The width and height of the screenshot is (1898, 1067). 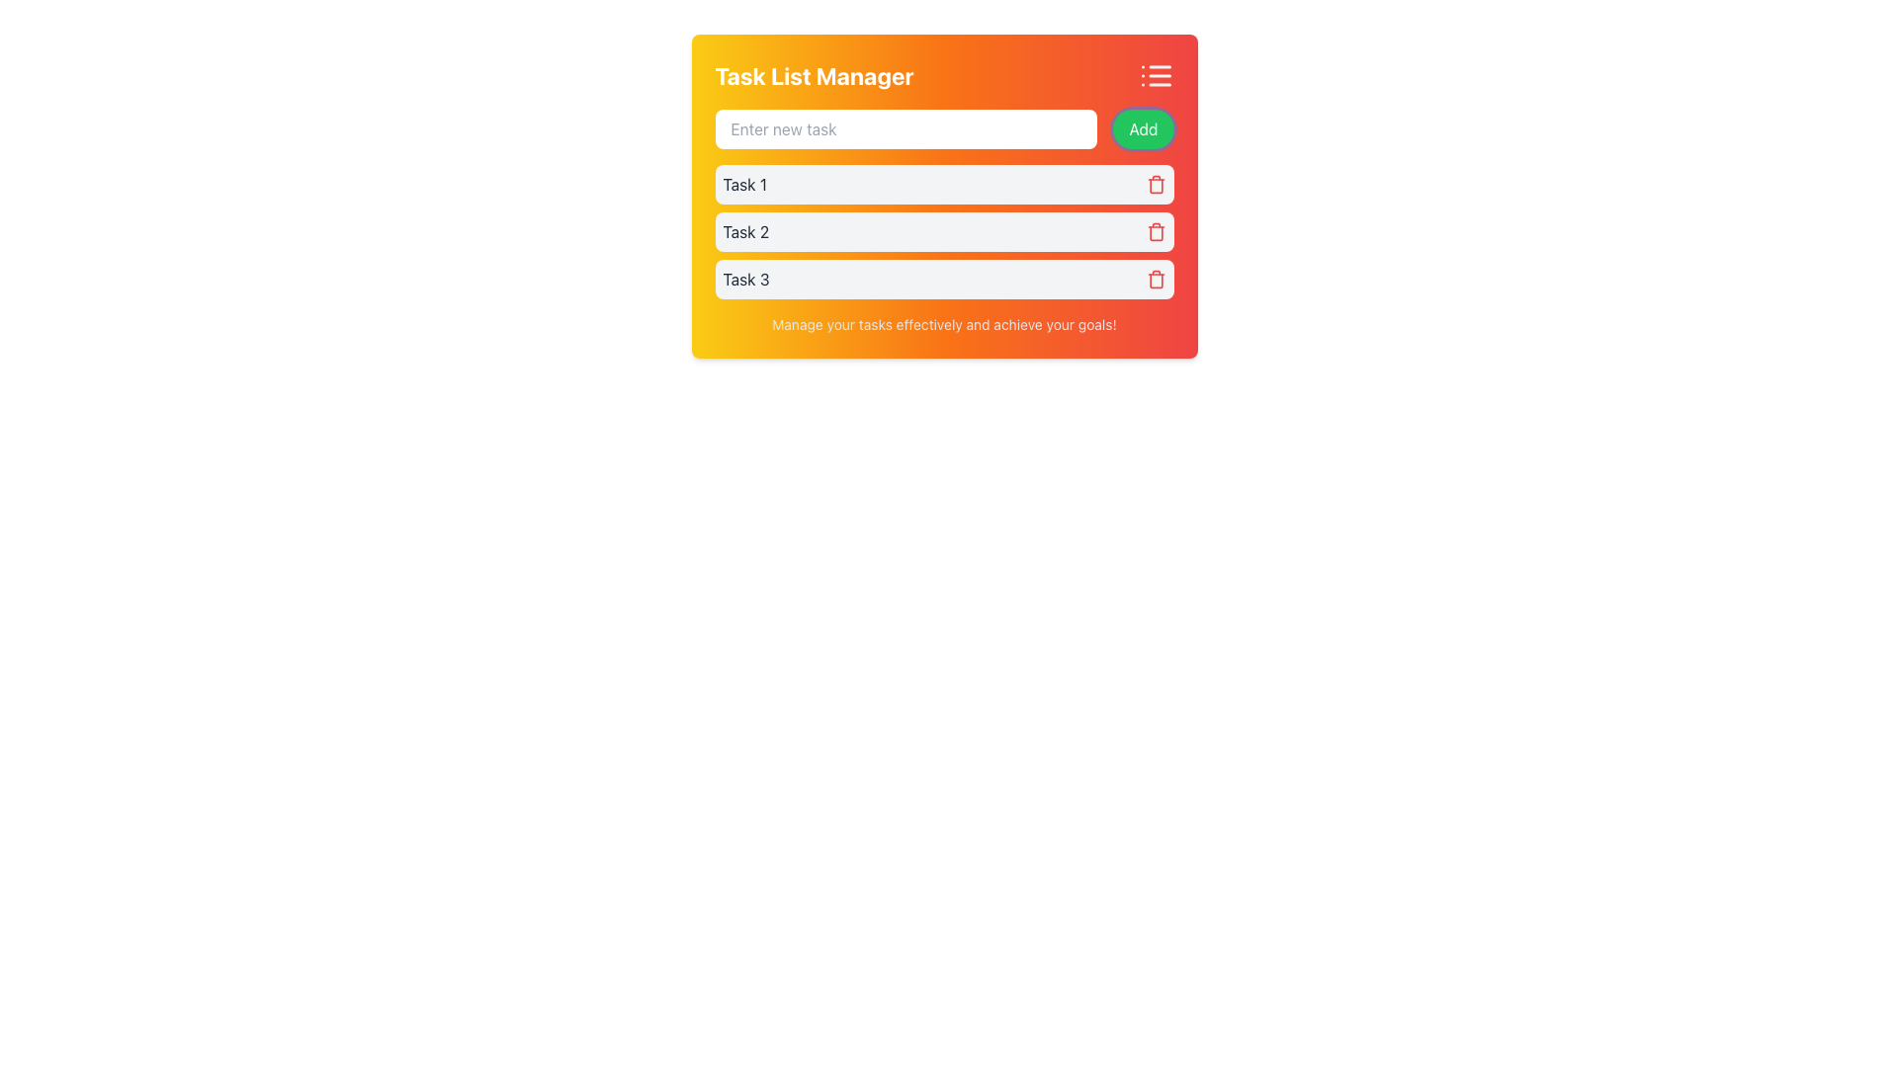 I want to click on the Heading label that displays 'Task List Manager', which is styled in bold and large font on a gradient orange background, located at the top left of the interface, so click(x=815, y=75).